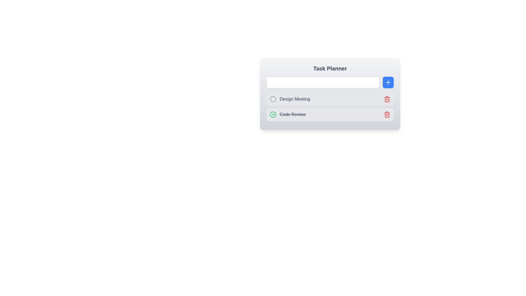  I want to click on the delete icon for the 'Design Meeting' task, so click(385, 99).